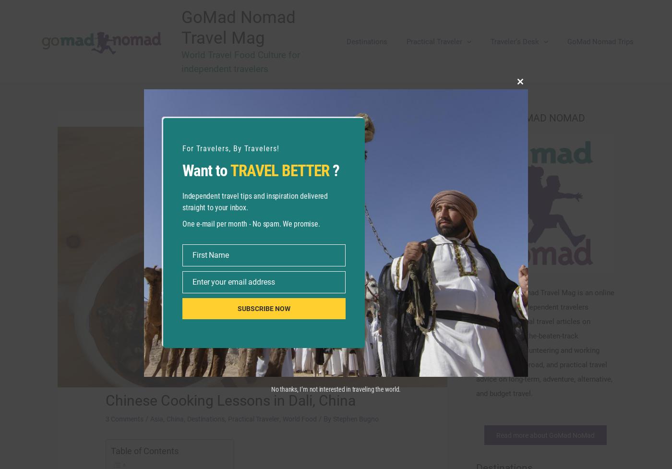 The height and width of the screenshot is (469, 672). What do you see at coordinates (296, 419) in the screenshot?
I see `'World Food'` at bounding box center [296, 419].